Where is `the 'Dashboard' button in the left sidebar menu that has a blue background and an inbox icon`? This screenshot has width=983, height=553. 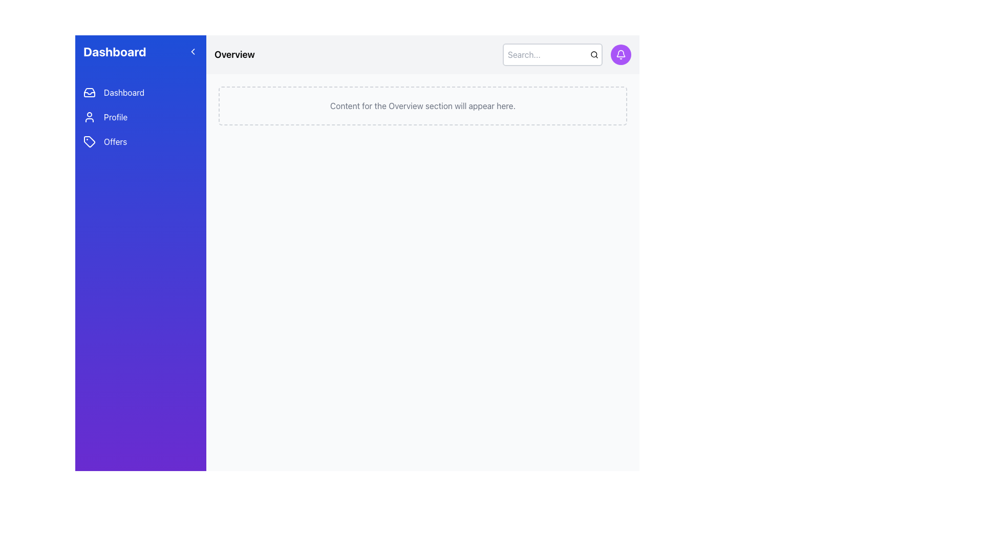 the 'Dashboard' button in the left sidebar menu that has a blue background and an inbox icon is located at coordinates (140, 93).